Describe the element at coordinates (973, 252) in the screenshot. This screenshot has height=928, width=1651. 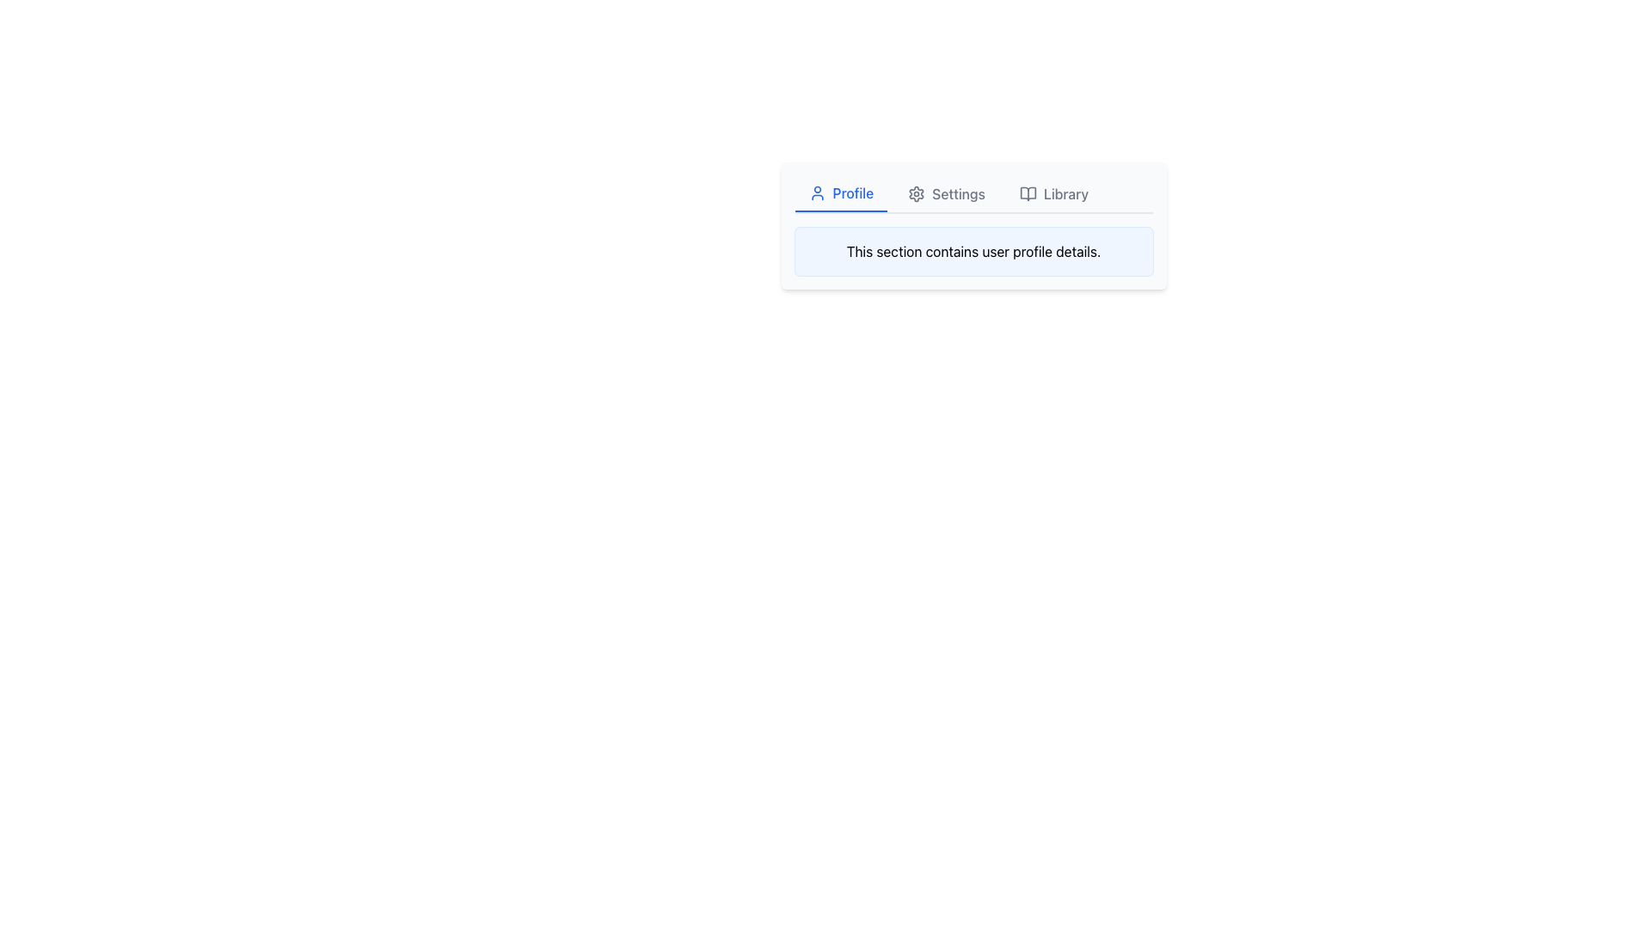
I see `the informational panel that provides details about the selected 'Profile' tab, located directly below the main navigation tabs` at that location.